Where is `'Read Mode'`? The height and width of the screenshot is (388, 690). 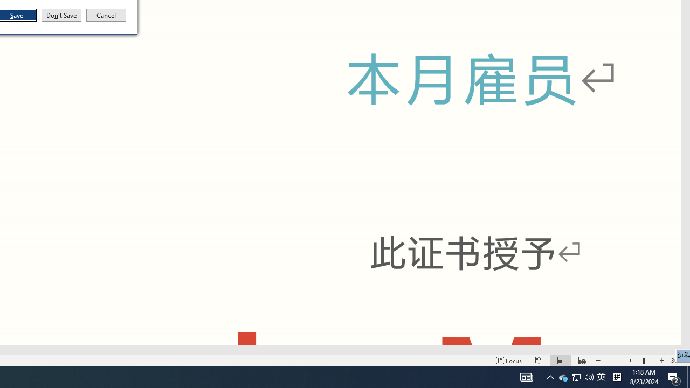
'Read Mode' is located at coordinates (539, 361).